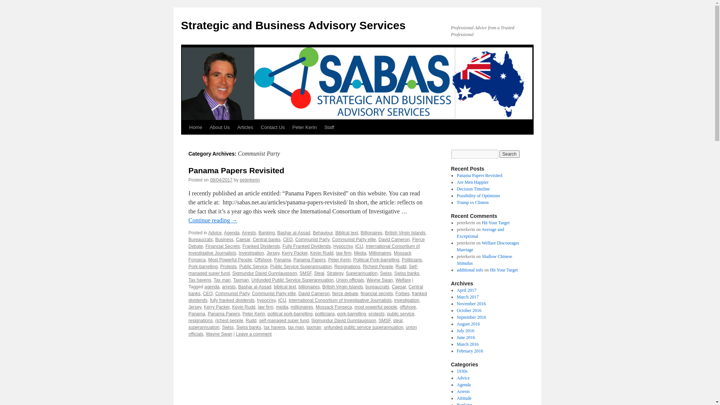 The width and height of the screenshot is (720, 405). I want to click on 'Strategy', so click(326, 273).